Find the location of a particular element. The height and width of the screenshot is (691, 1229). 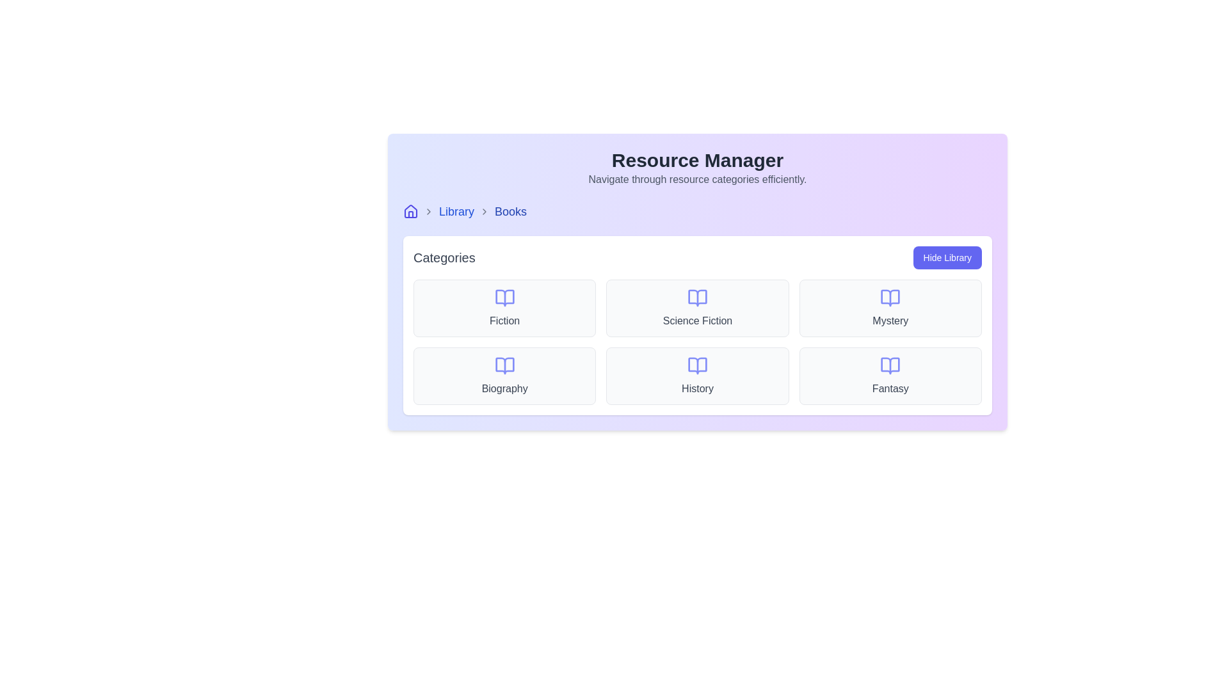

the icon resembling an open book in light indigo color under the 'Categories' section is located at coordinates (504, 365).